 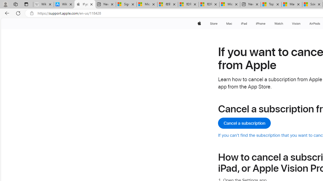 I want to click on 'View site information', so click(x=32, y=13).